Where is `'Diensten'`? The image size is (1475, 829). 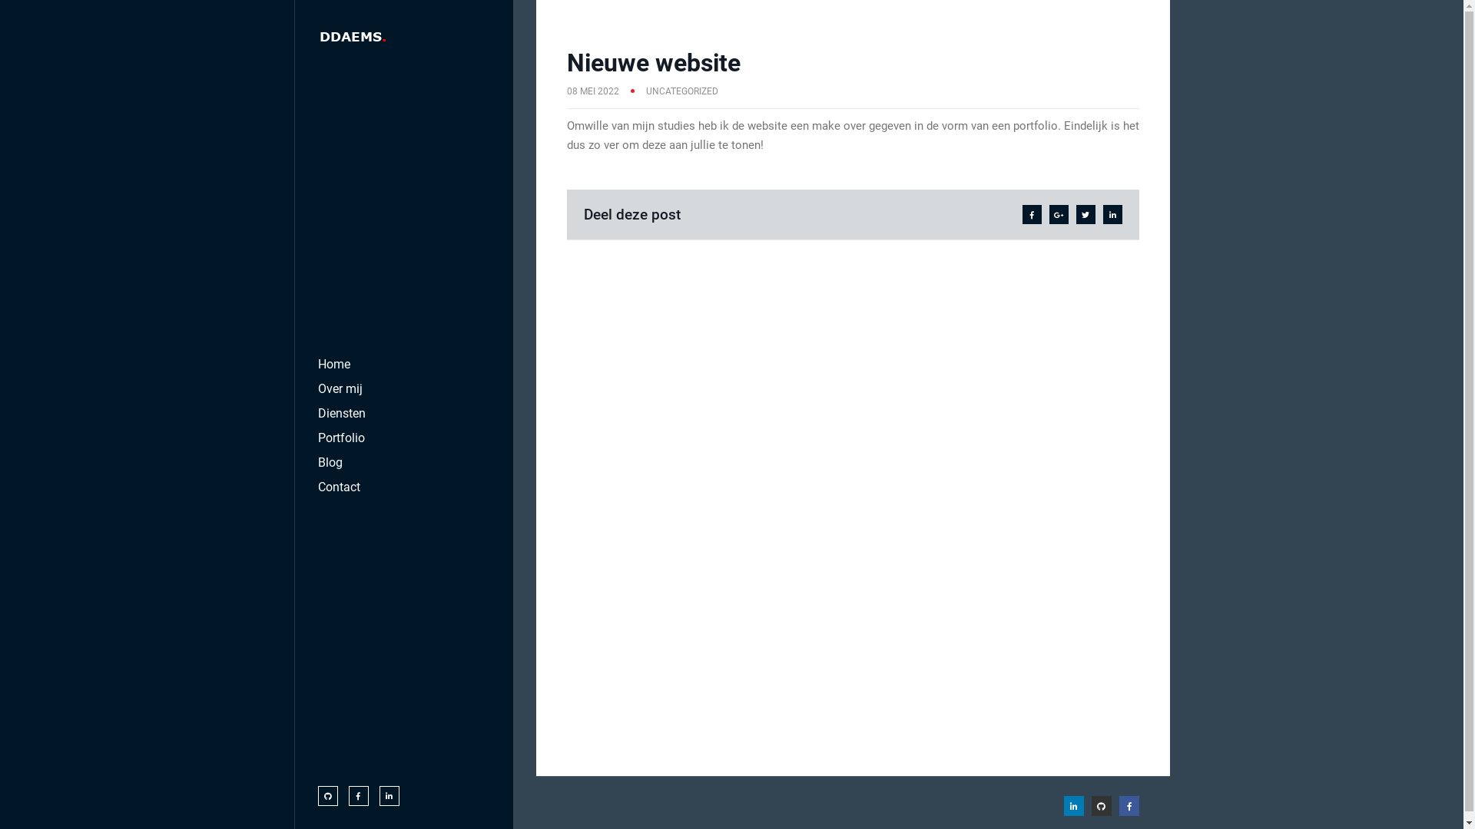
'Diensten' is located at coordinates (317, 411).